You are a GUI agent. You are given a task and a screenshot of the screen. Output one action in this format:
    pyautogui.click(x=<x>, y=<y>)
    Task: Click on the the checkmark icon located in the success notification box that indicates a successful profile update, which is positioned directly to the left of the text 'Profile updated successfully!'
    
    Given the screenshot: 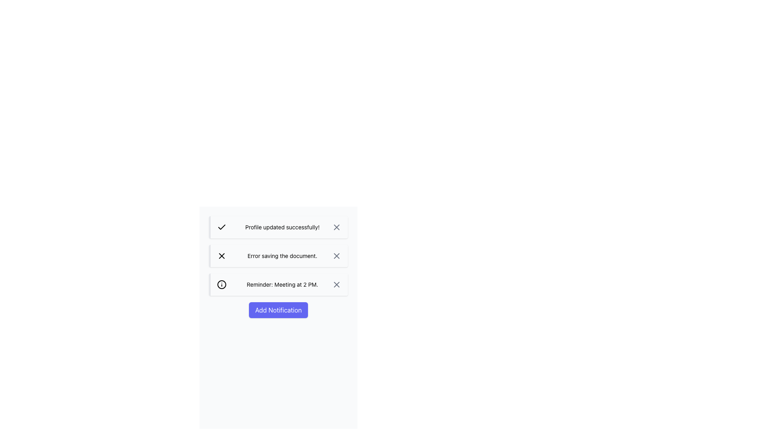 What is the action you would take?
    pyautogui.click(x=222, y=227)
    